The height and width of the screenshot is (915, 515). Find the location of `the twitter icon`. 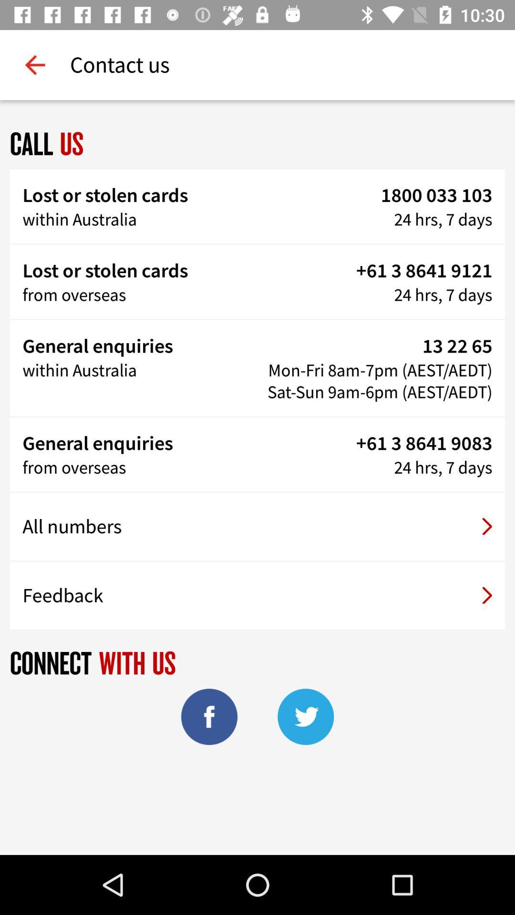

the twitter icon is located at coordinates (306, 717).